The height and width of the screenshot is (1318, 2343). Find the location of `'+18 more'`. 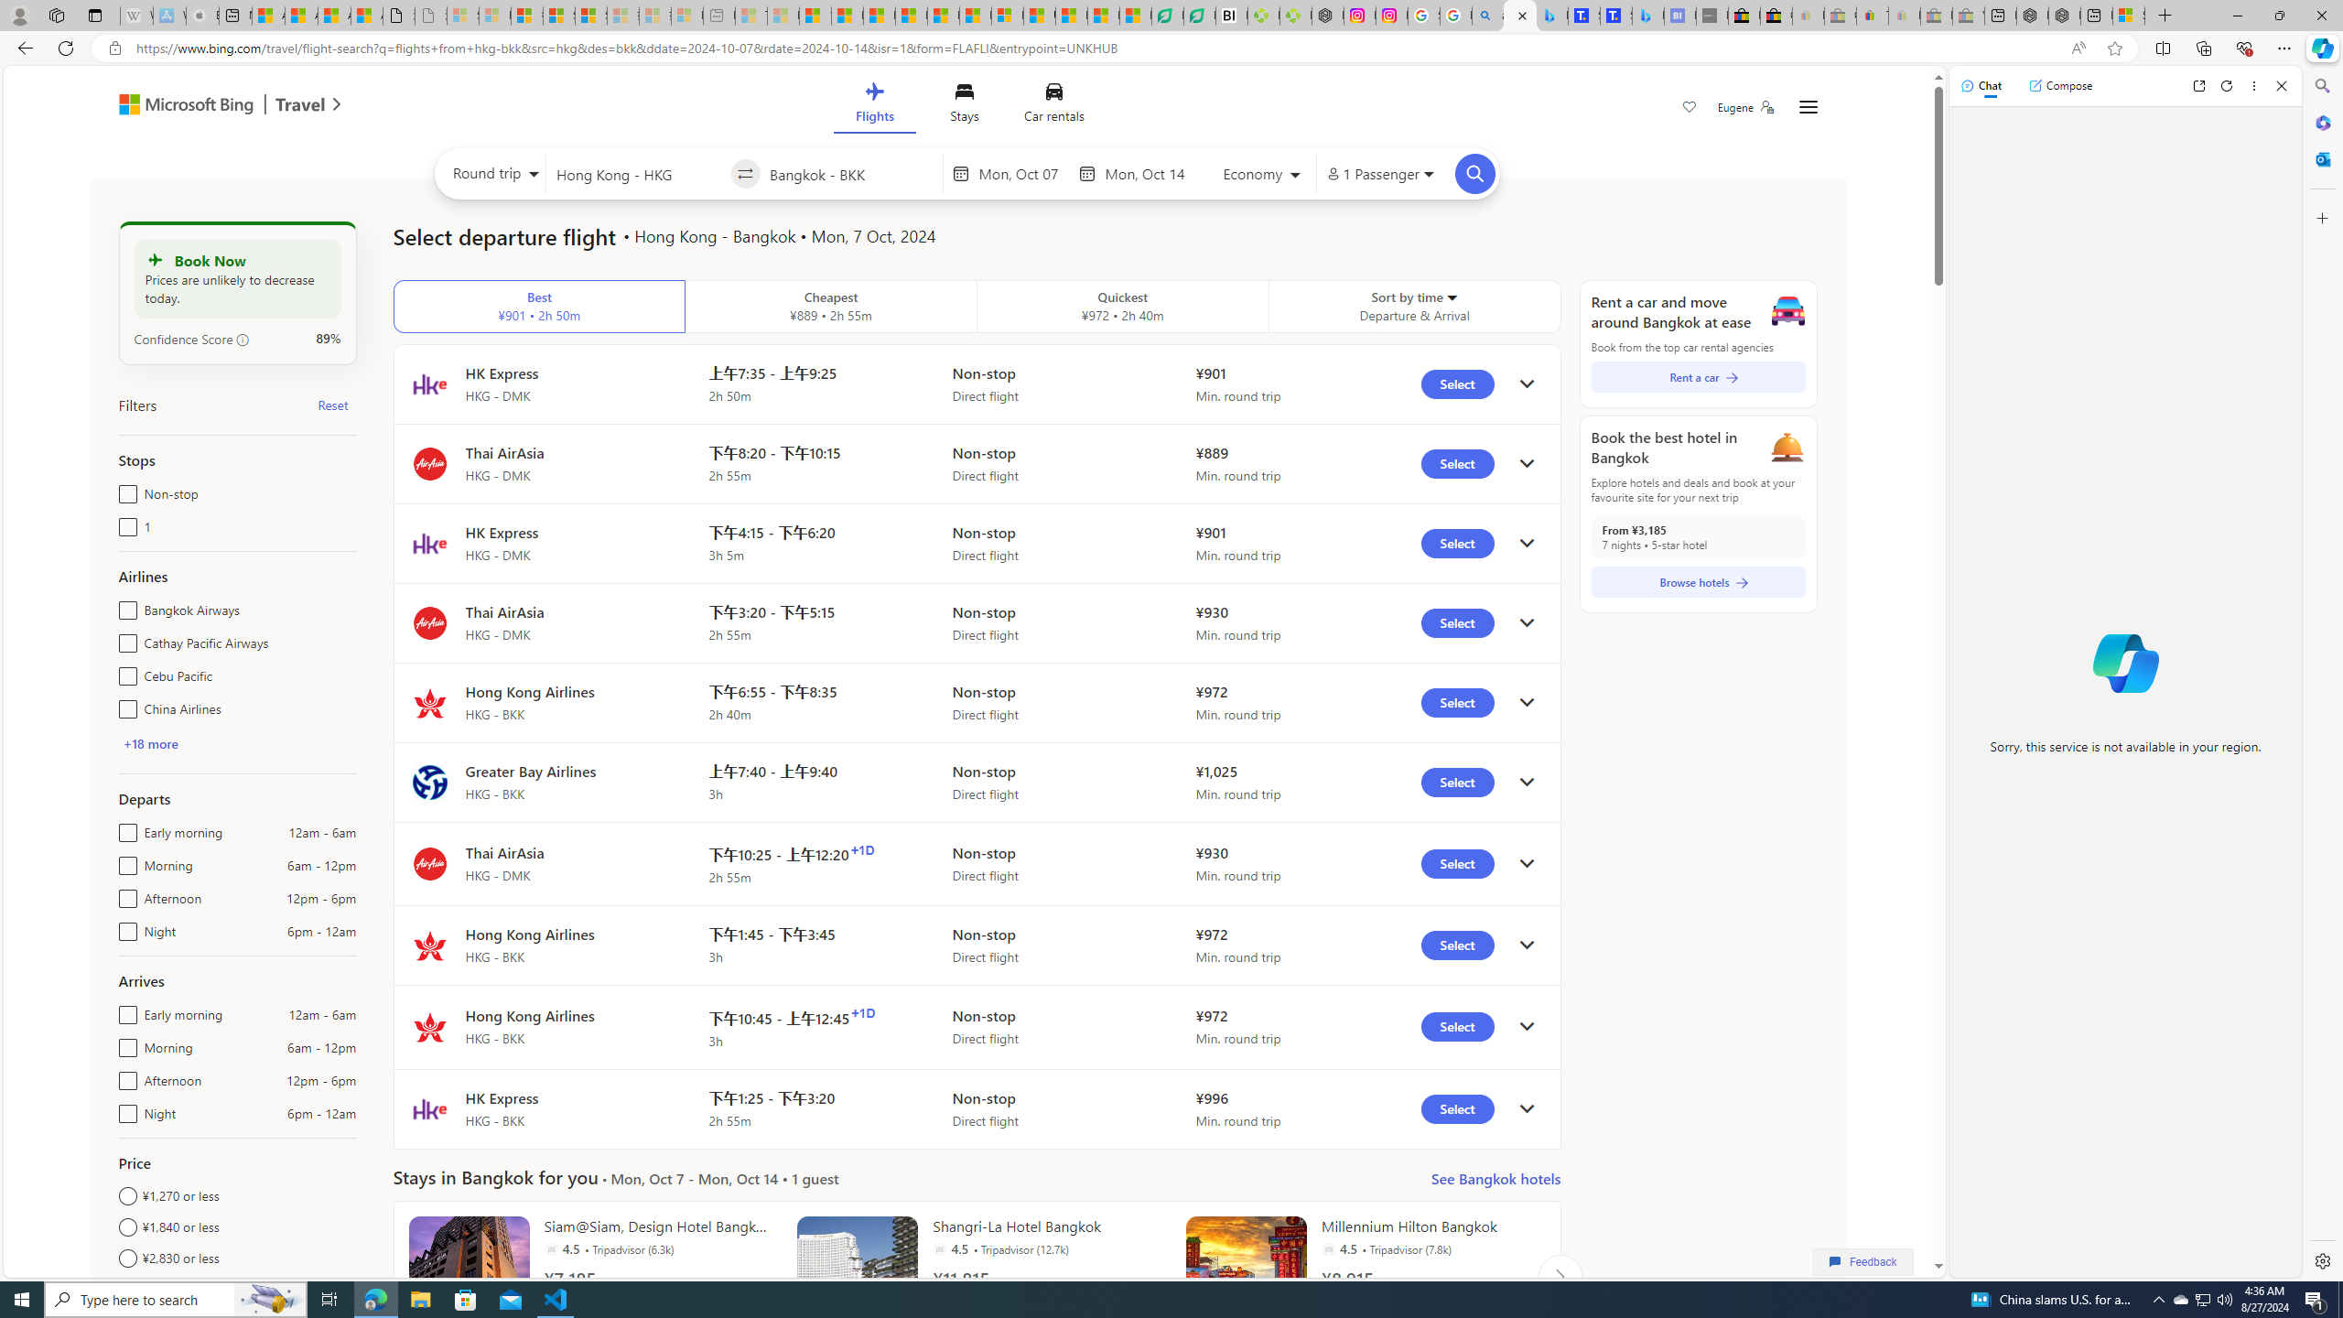

'+18 more' is located at coordinates (149, 742).